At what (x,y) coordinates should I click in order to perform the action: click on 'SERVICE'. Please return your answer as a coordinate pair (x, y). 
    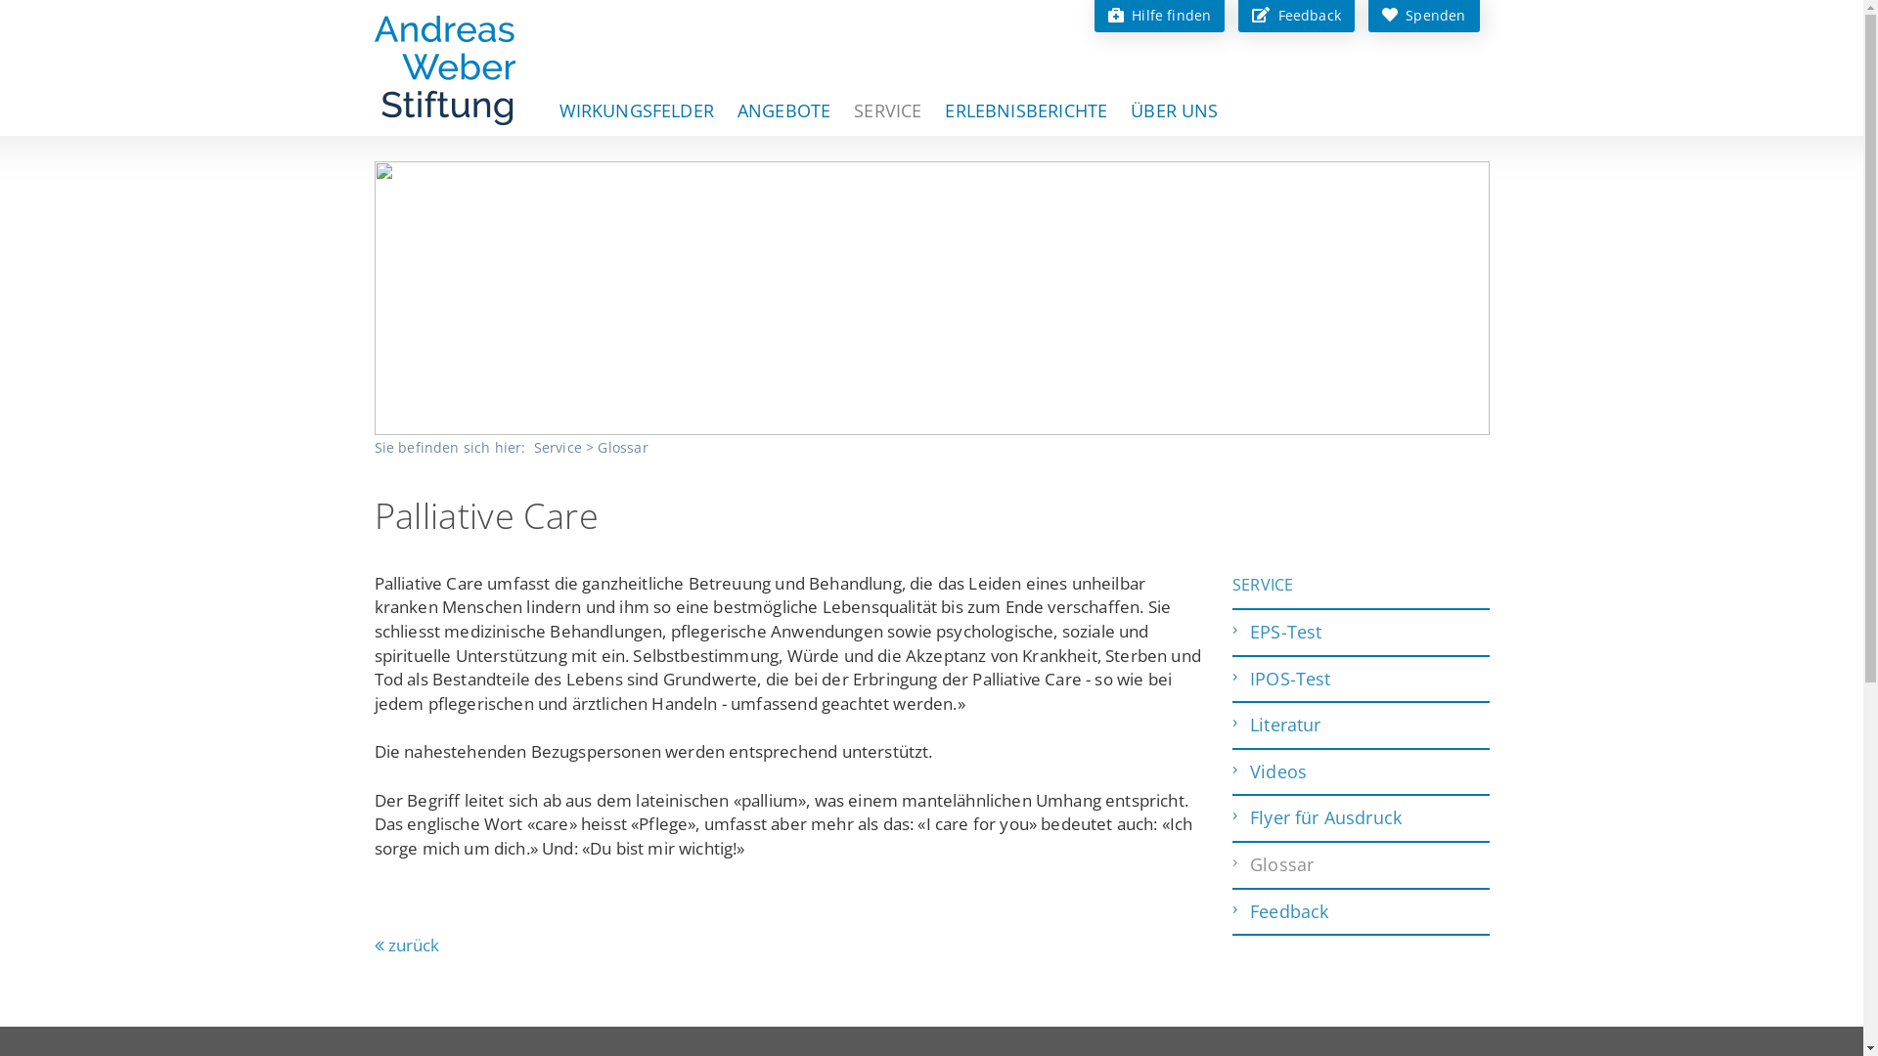
    Looking at the image, I should click on (1263, 583).